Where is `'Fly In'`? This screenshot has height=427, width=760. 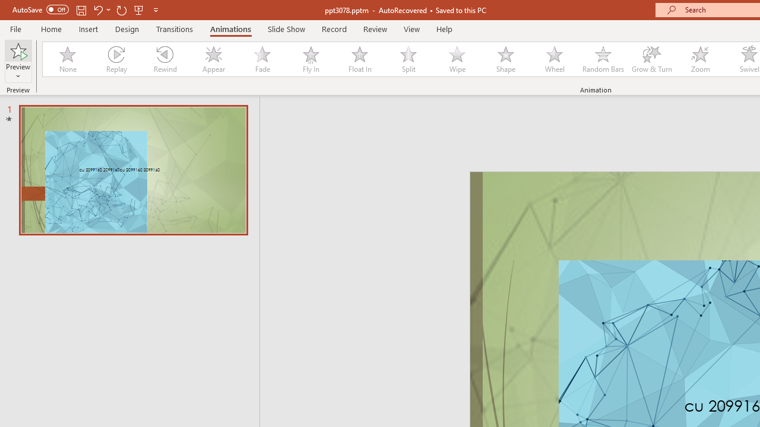
'Fly In' is located at coordinates (311, 59).